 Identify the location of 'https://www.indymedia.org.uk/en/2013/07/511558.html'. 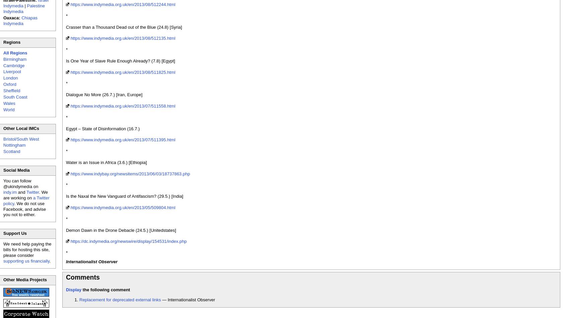
(123, 106).